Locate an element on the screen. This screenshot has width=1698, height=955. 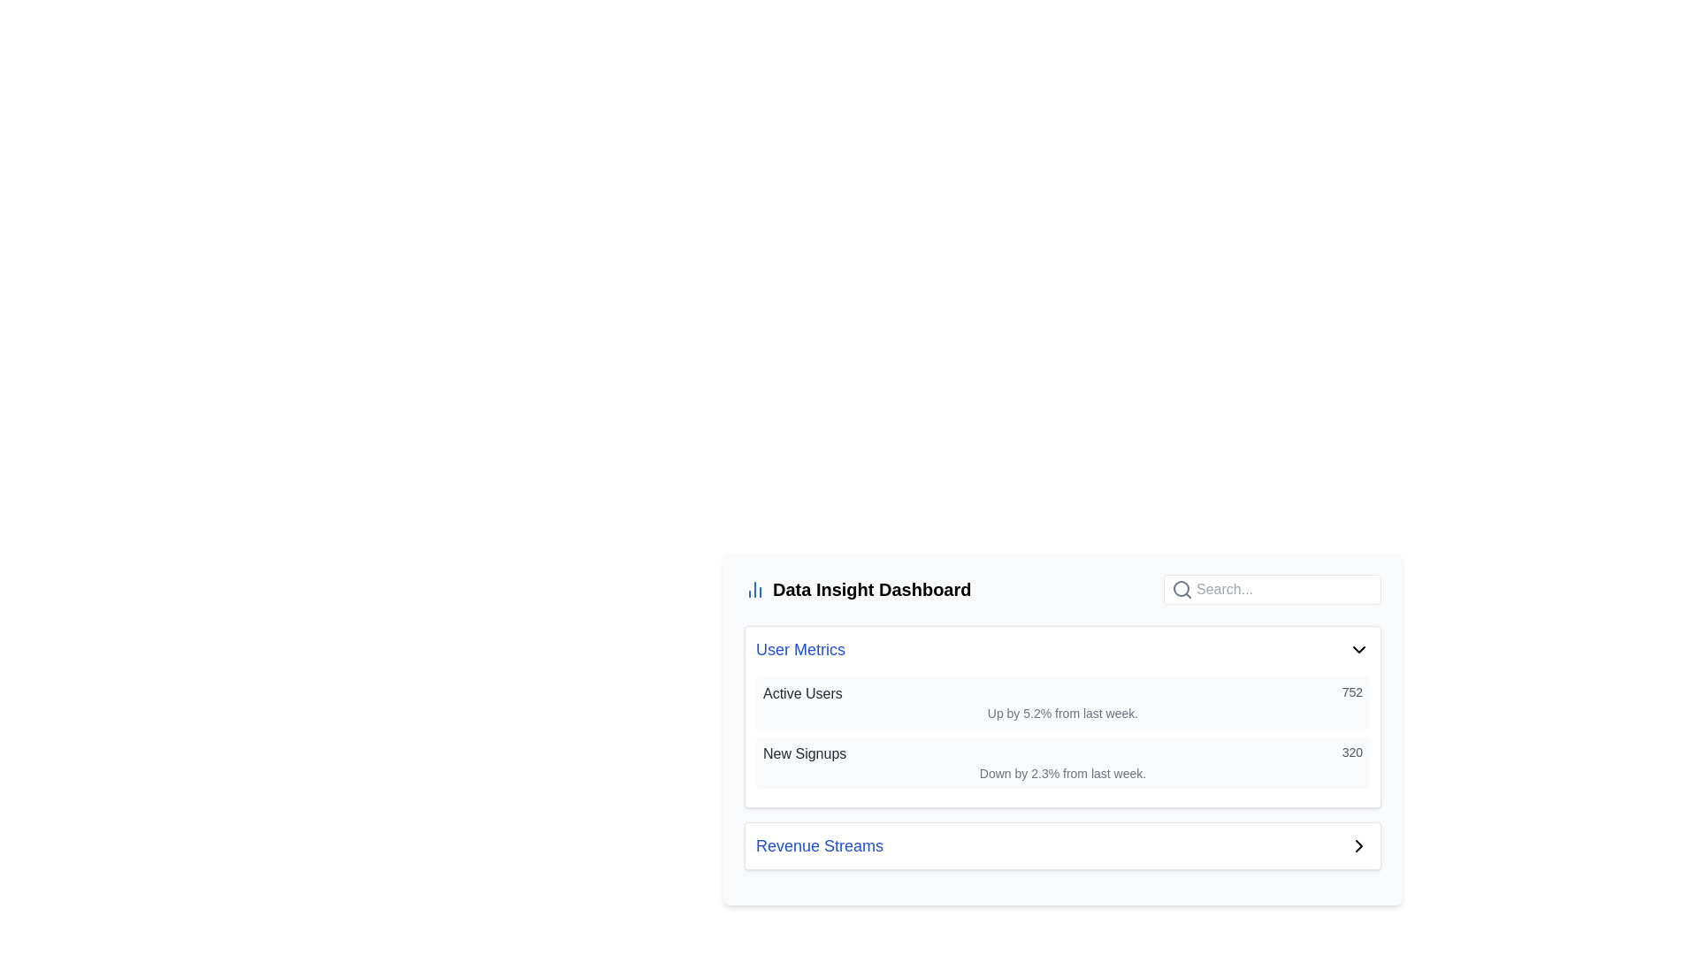
on the navigation link for 'Revenue Streams' located at the bottom of the 'Data Insight Dashboard' card is located at coordinates (1061, 844).